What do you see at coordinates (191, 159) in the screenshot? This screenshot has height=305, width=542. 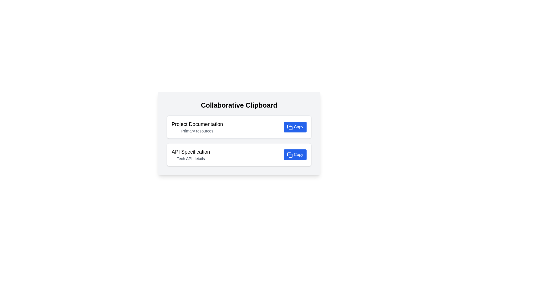 I see `the static text label reading 'Tech API details', which is styled in gray and positioned below the title 'API Specification'` at bounding box center [191, 159].